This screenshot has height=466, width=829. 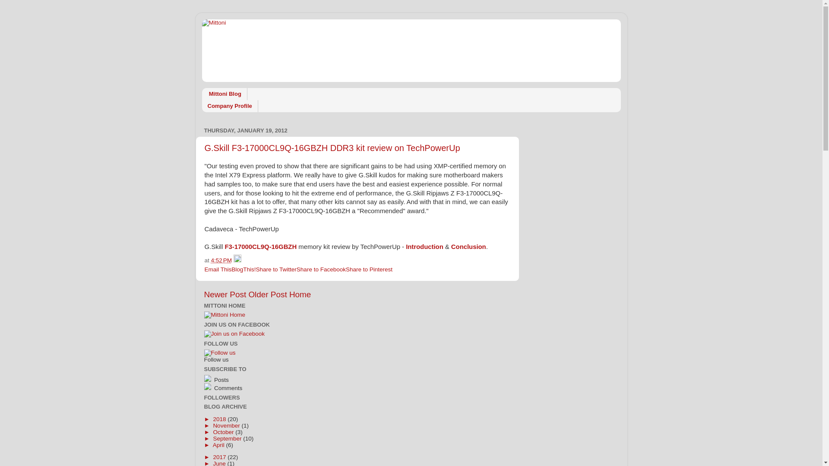 I want to click on 'Mittoni Blog', so click(x=225, y=94).